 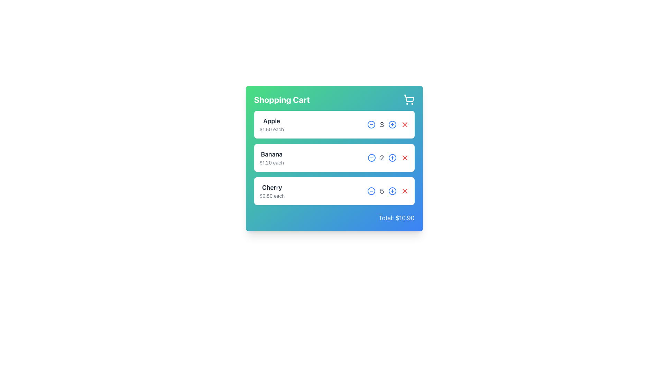 What do you see at coordinates (381, 158) in the screenshot?
I see `the Counter Display showing the numeral '2', which is centrally placed between the minus and plus controls in the item count section of the Banana cart item row` at bounding box center [381, 158].